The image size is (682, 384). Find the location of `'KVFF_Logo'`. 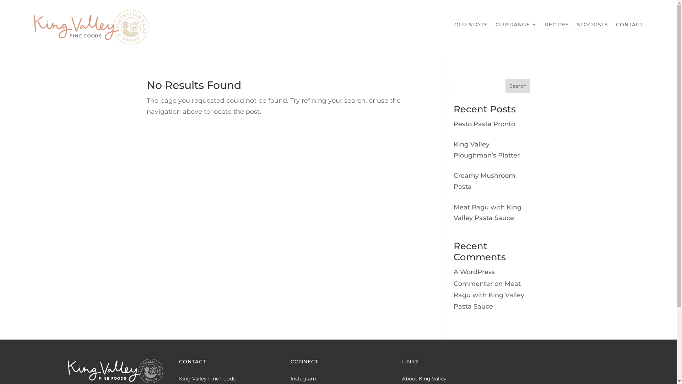

'KVFF_Logo' is located at coordinates (90, 27).